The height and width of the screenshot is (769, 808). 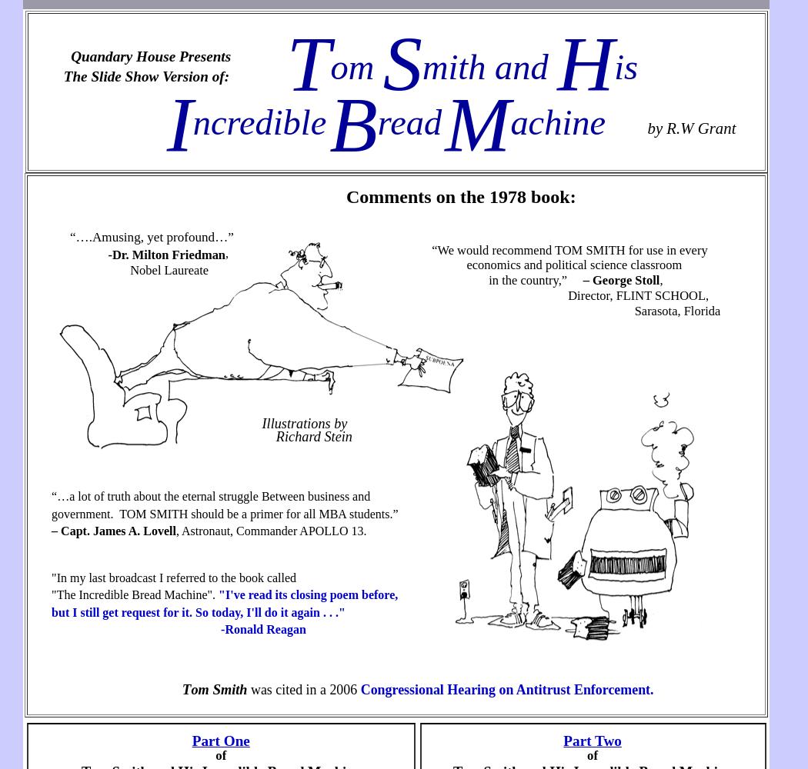 I want to click on 'mith', so click(x=219, y=689).